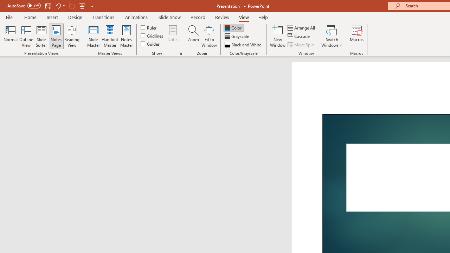 The image size is (450, 253). I want to click on 'Notes', so click(173, 36).